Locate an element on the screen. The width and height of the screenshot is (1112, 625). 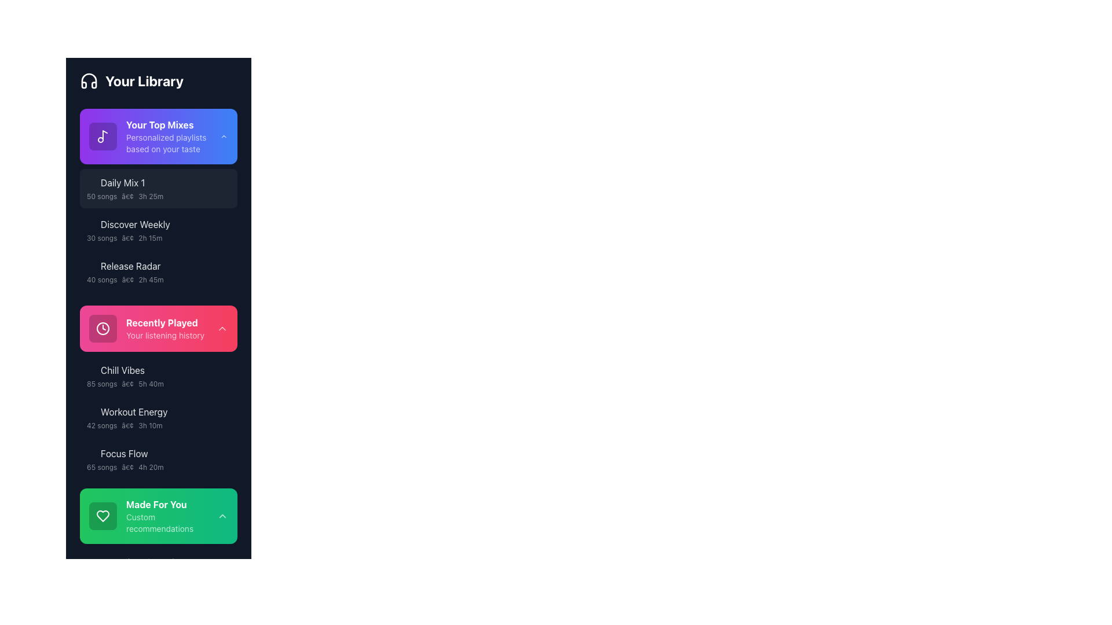
text label that serves as a header for the section within the green card at the bottom of the left-side navigation panel, positioned above the smaller text 'Custom recommendations' is located at coordinates (171, 503).